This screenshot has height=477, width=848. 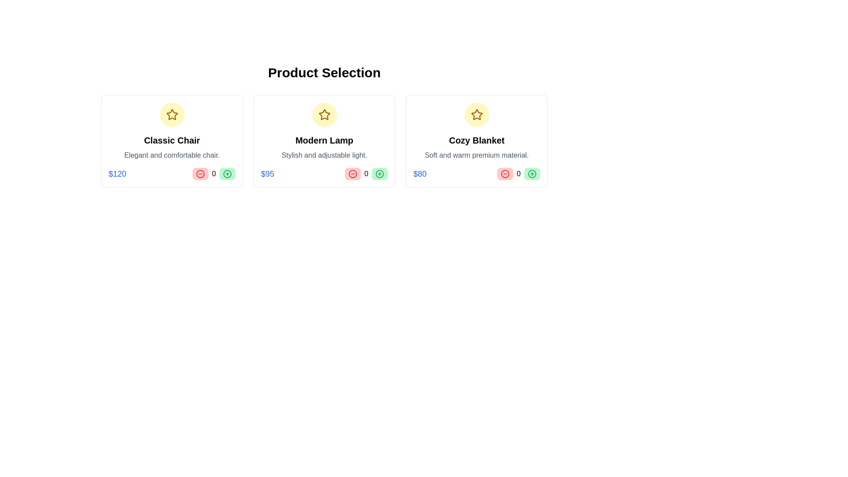 What do you see at coordinates (379, 174) in the screenshot?
I see `the increment button located in the right-bottom section of the 'Modern Lamp' product card to observe potential hover effects` at bounding box center [379, 174].